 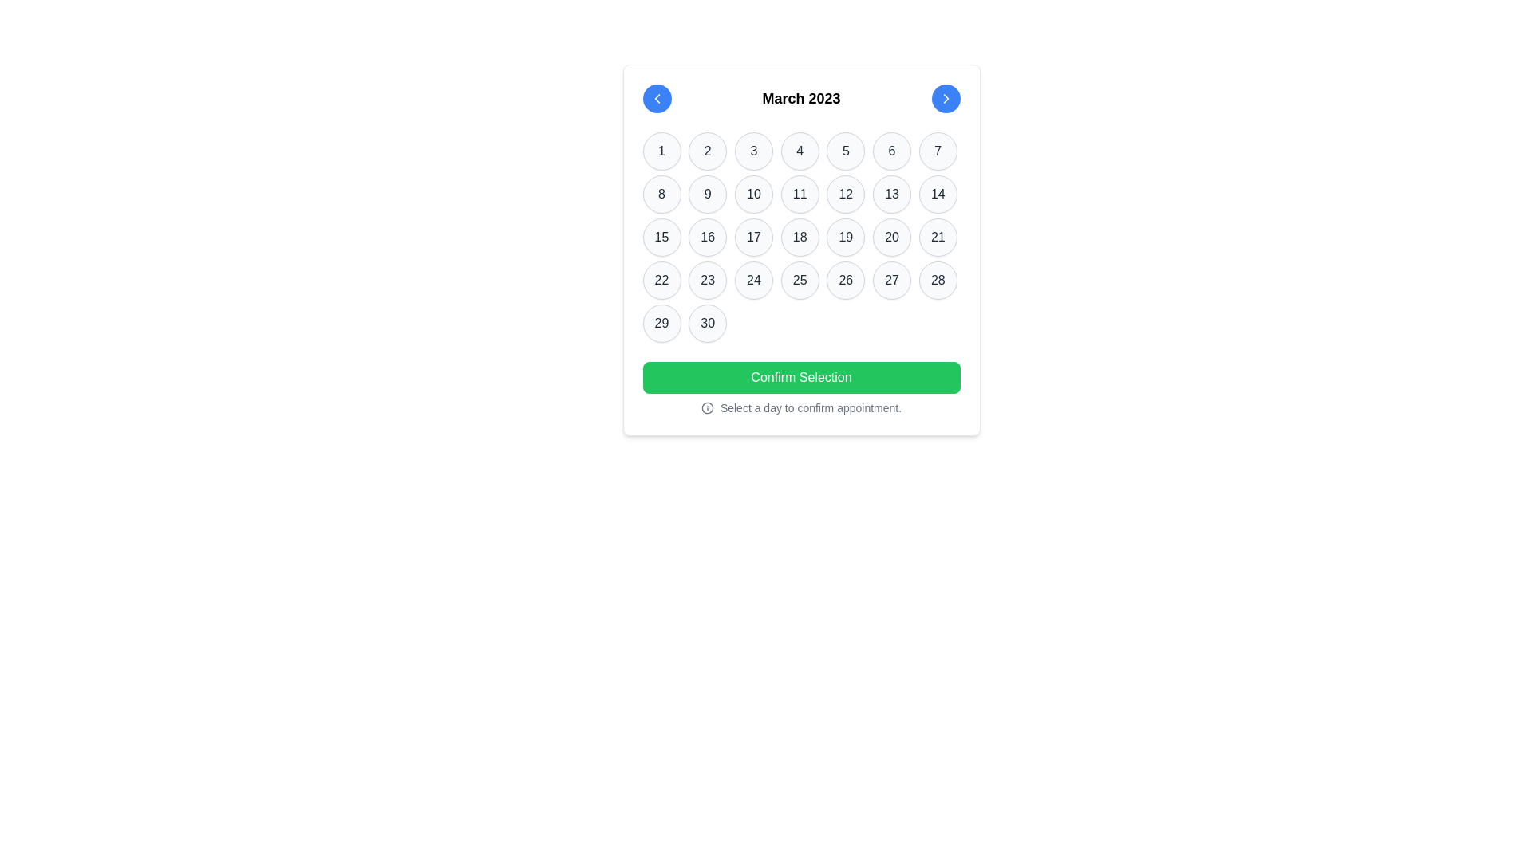 What do you see at coordinates (707, 151) in the screenshot?
I see `the circular button labeled '2' with a gray background that is located` at bounding box center [707, 151].